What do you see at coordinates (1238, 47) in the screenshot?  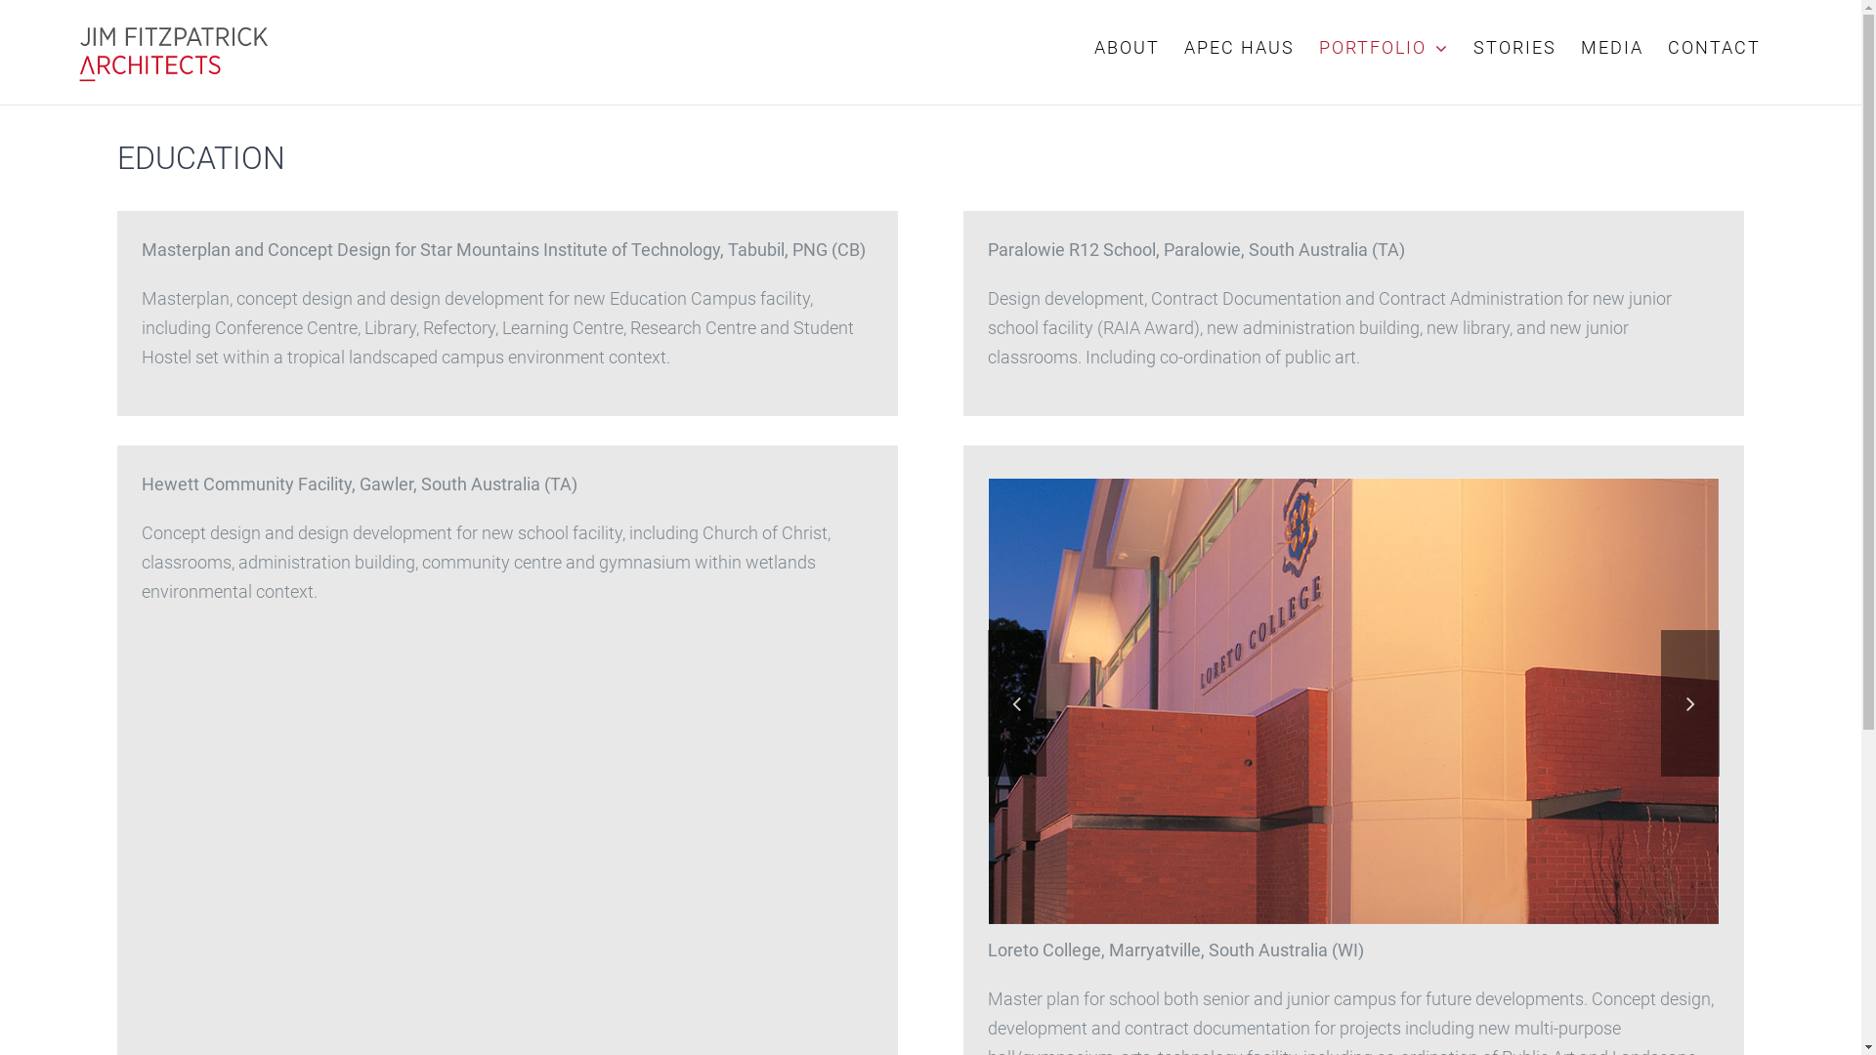 I see `'APEC HAUS'` at bounding box center [1238, 47].